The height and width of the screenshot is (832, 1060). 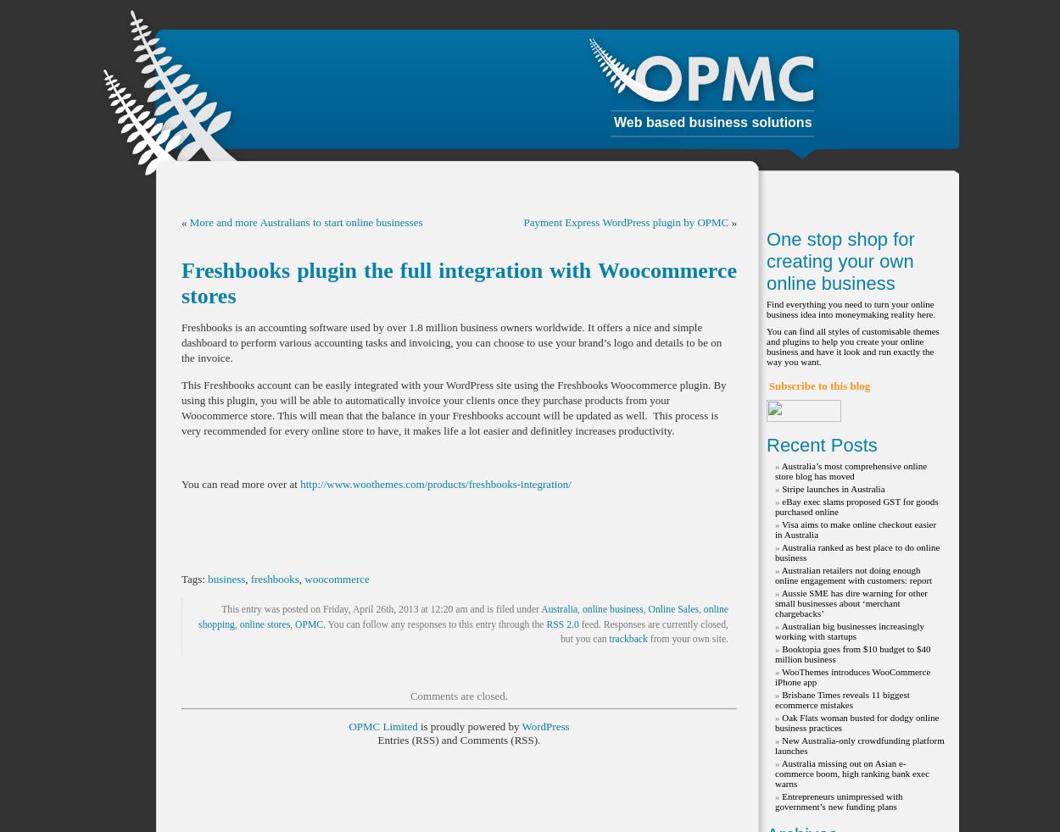 What do you see at coordinates (841, 699) in the screenshot?
I see `'Brisbane Times reveals 11 biggest ecommerce mistakes'` at bounding box center [841, 699].